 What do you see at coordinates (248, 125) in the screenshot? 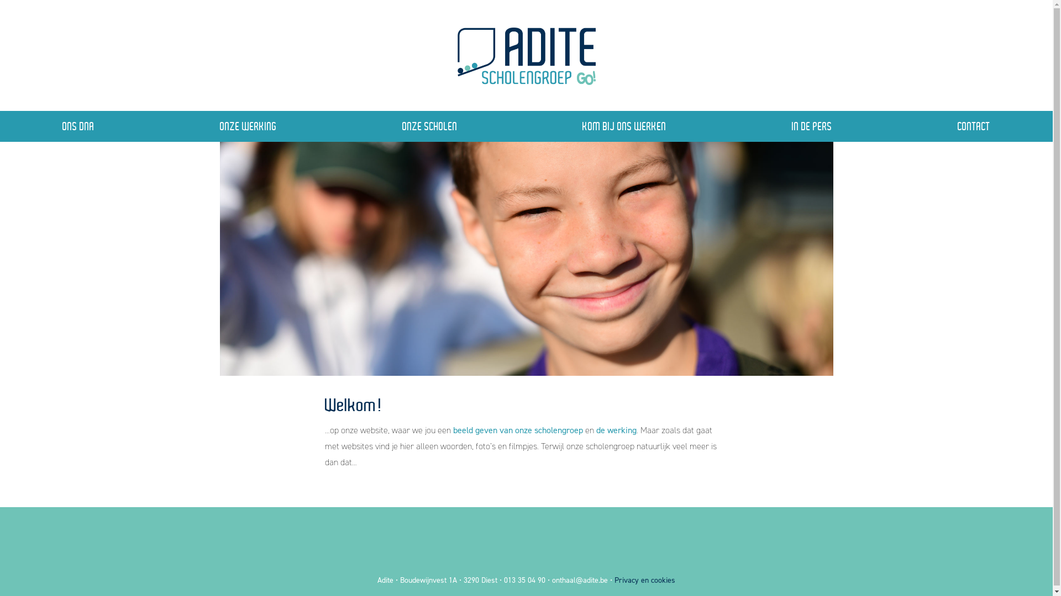
I see `'ONZE WERKING'` at bounding box center [248, 125].